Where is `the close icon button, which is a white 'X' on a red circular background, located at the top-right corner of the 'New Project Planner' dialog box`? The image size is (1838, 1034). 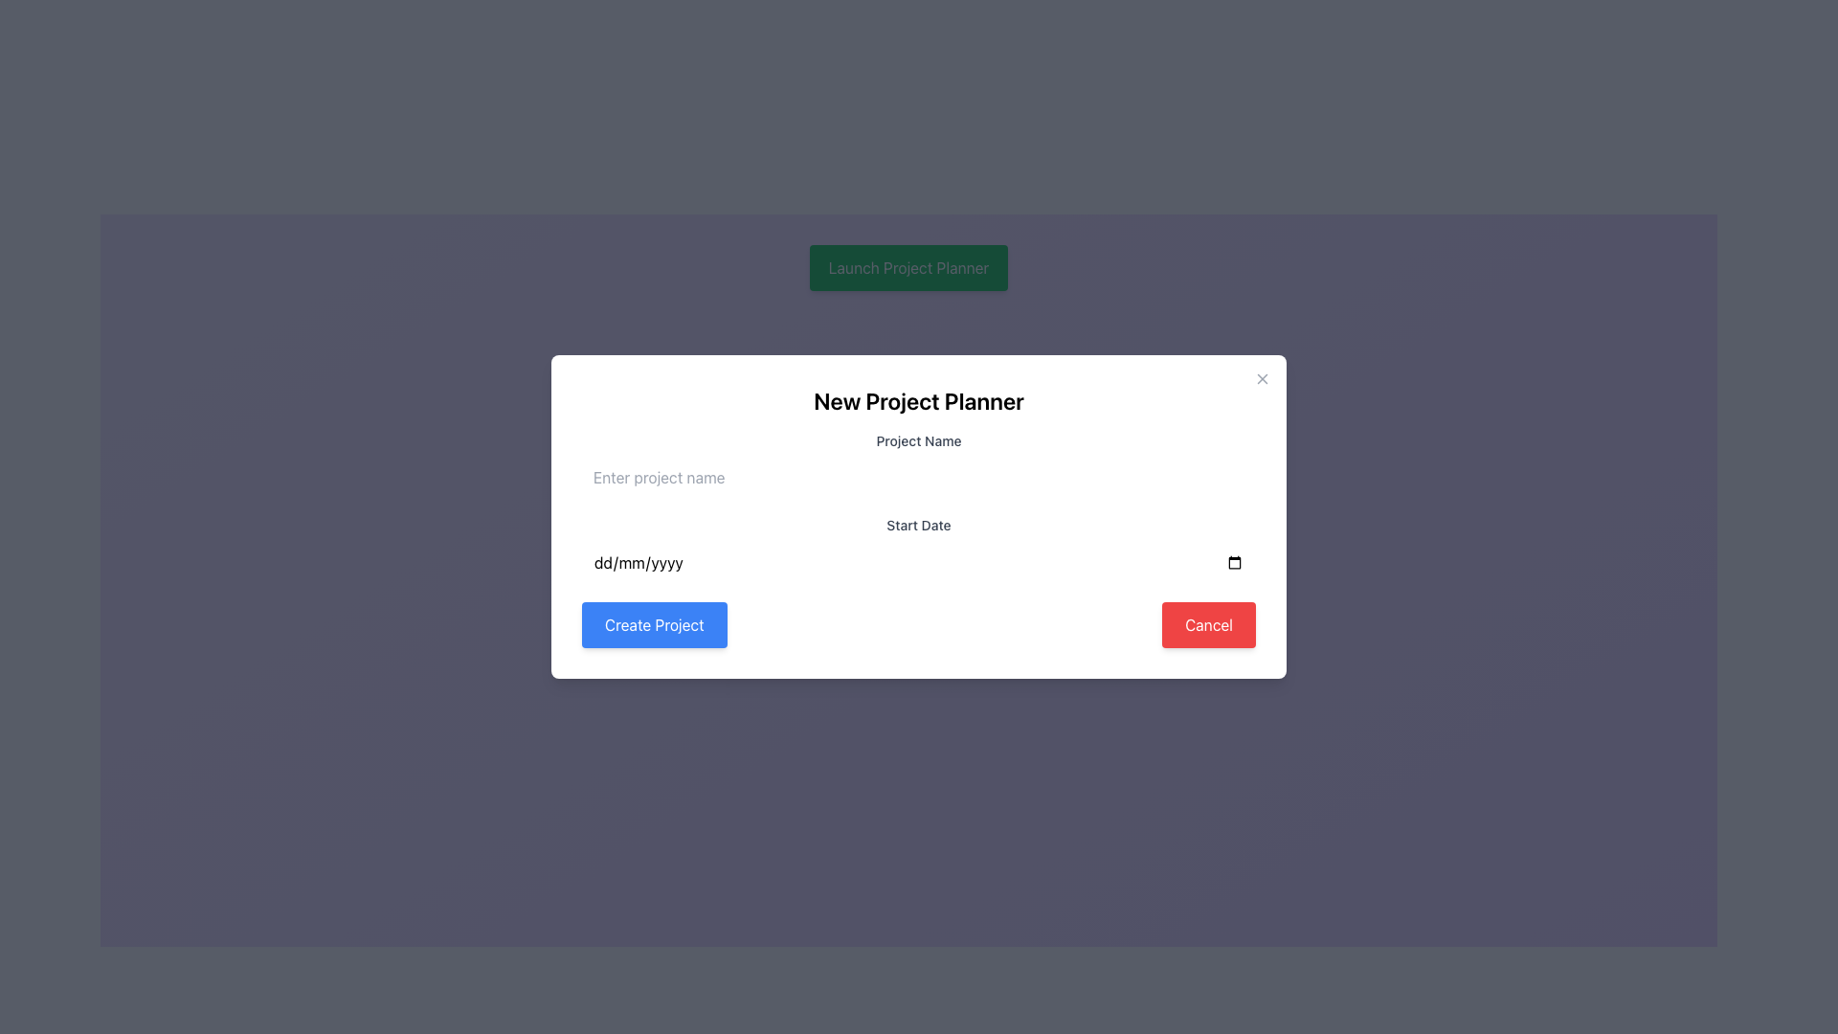 the close icon button, which is a white 'X' on a red circular background, located at the top-right corner of the 'New Project Planner' dialog box is located at coordinates (1263, 379).